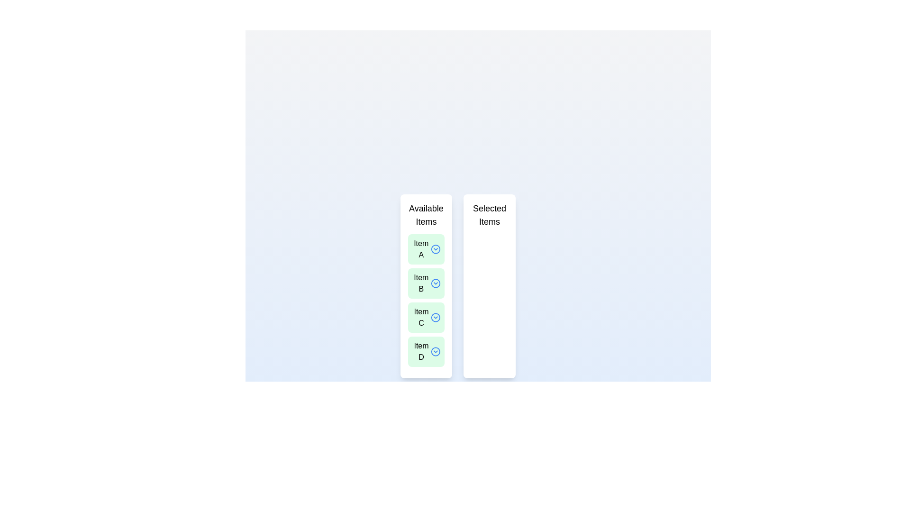  Describe the element at coordinates (435, 248) in the screenshot. I see `the down arrow icon next to Item A in the 'Available Items' list to transfer it to 'Selected Items'` at that location.